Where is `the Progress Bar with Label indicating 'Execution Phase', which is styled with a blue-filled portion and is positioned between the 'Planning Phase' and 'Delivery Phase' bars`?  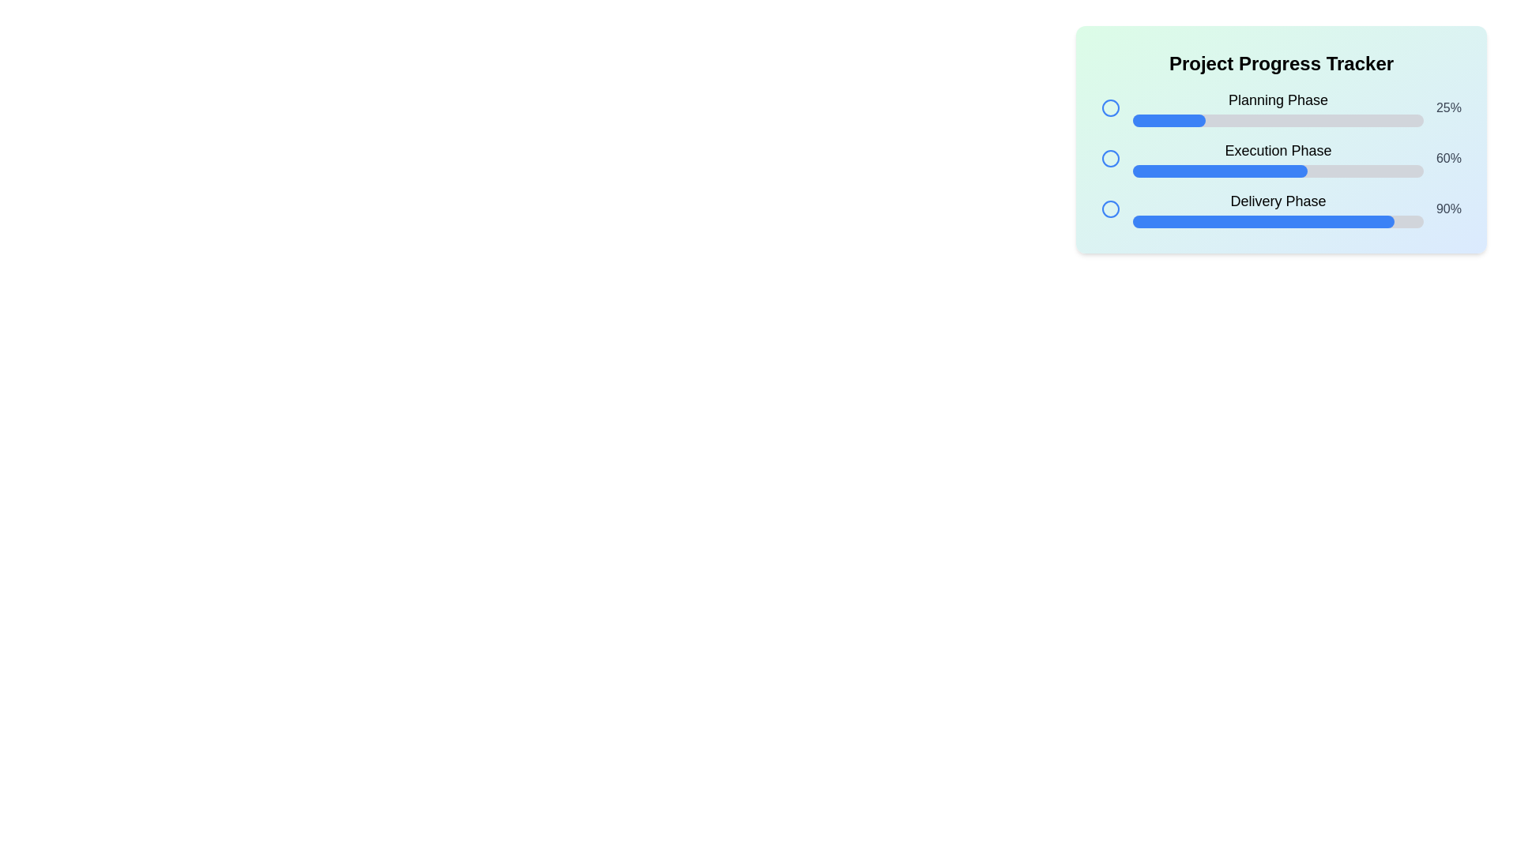
the Progress Bar with Label indicating 'Execution Phase', which is styled with a blue-filled portion and is positioned between the 'Planning Phase' and 'Delivery Phase' bars is located at coordinates (1278, 158).